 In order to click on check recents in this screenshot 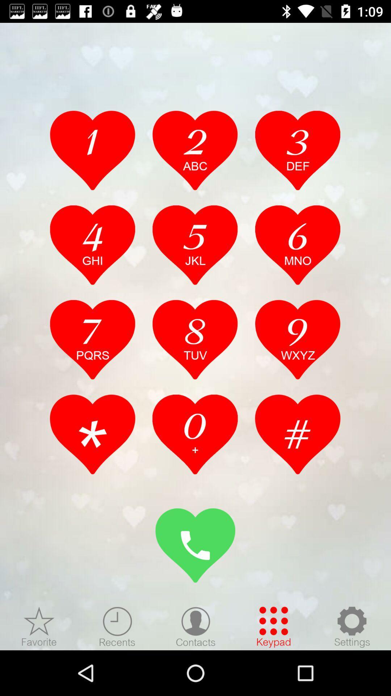, I will do `click(117, 626)`.